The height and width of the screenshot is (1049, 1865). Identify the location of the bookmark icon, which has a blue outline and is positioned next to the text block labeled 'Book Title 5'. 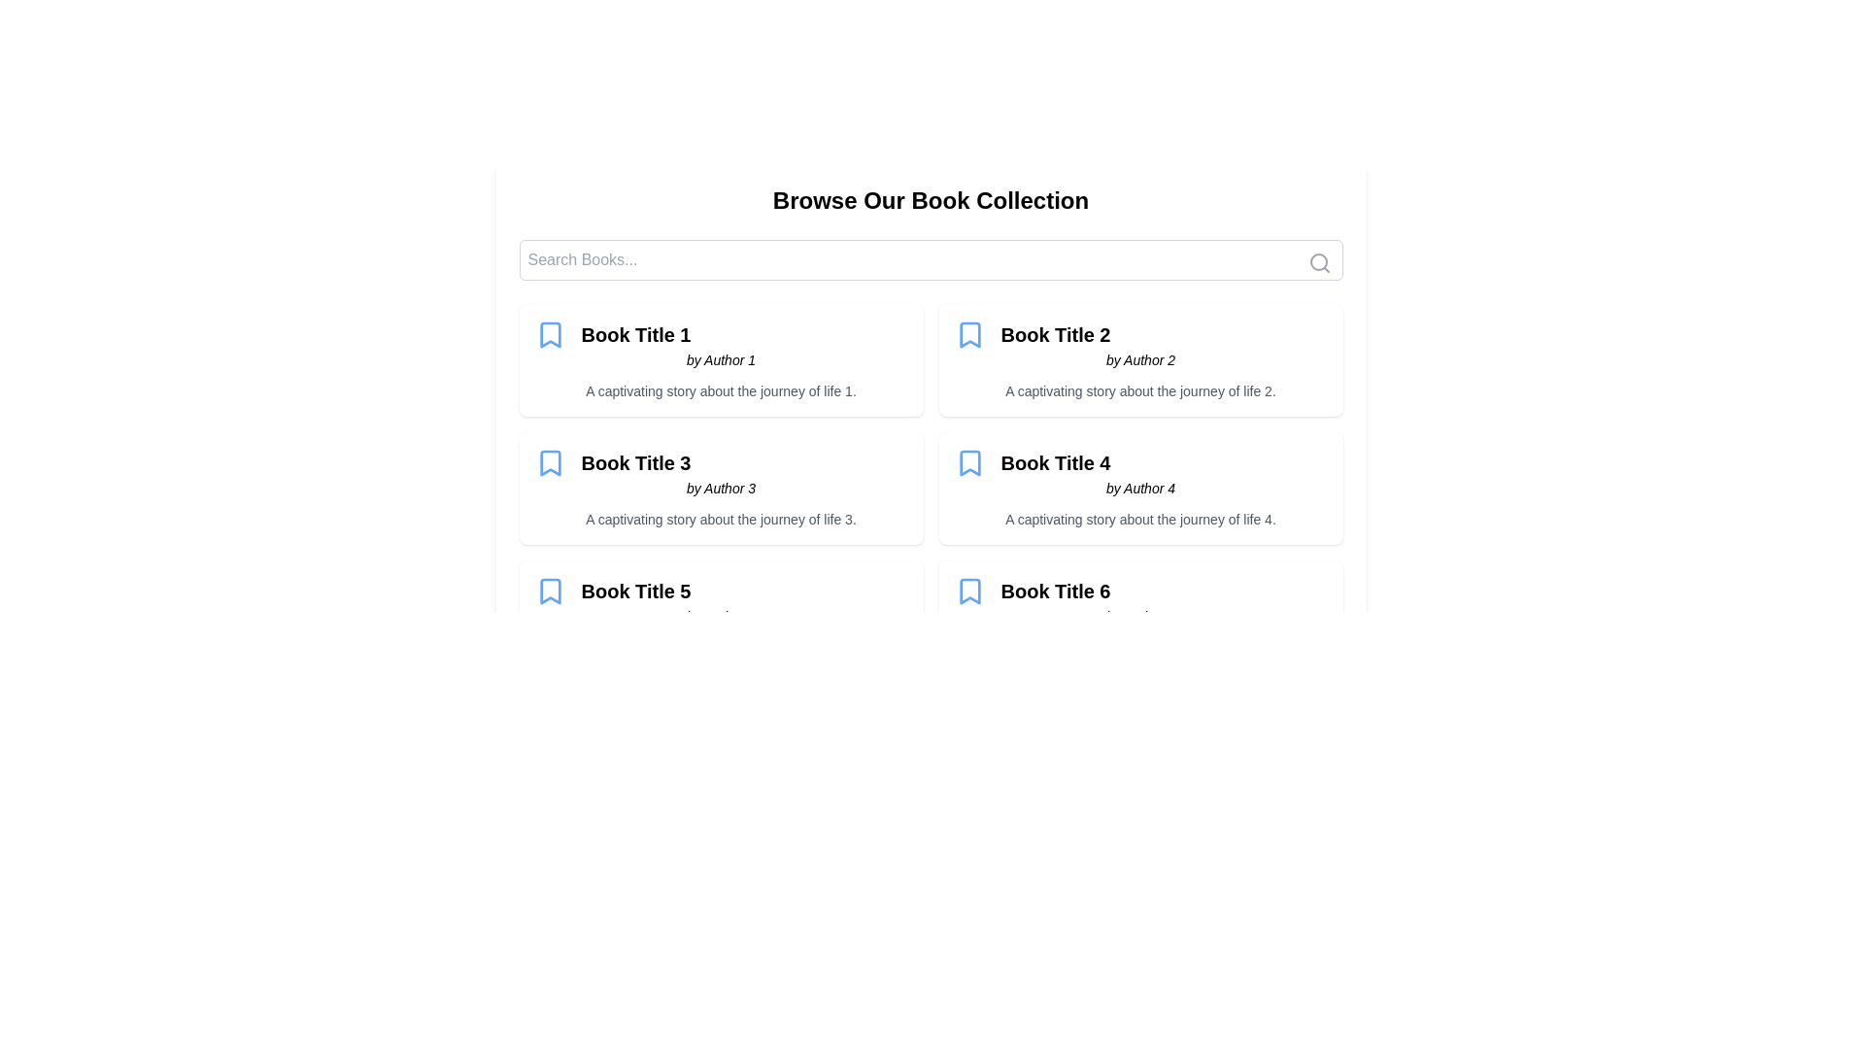
(549, 591).